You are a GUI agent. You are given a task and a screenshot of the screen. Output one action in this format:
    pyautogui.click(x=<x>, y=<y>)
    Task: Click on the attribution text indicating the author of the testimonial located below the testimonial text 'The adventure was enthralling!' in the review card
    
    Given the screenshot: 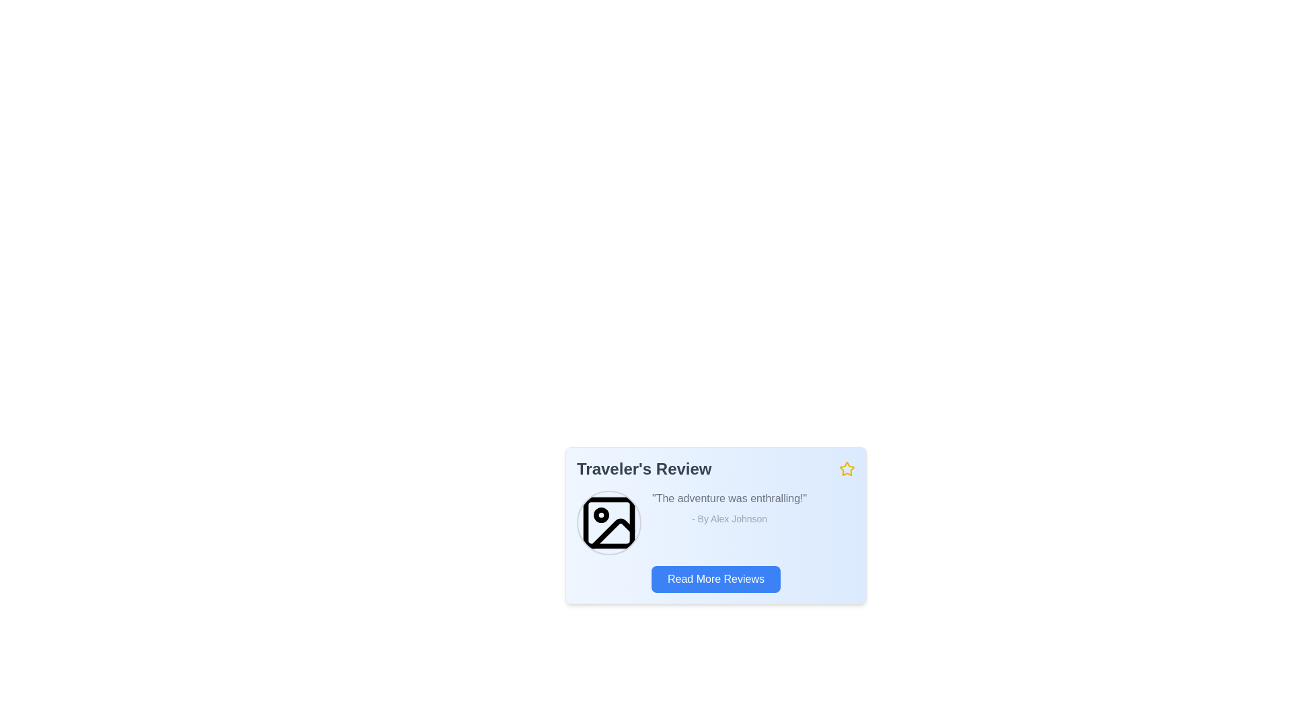 What is the action you would take?
    pyautogui.click(x=728, y=518)
    